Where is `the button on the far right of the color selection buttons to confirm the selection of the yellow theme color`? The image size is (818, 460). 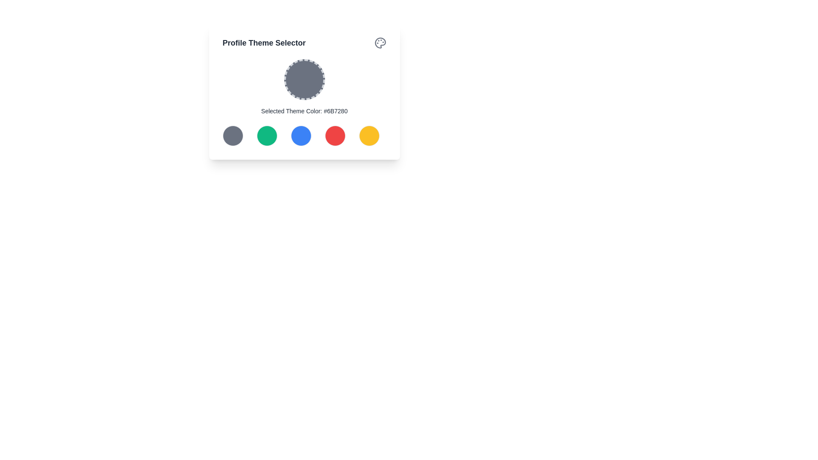
the button on the far right of the color selection buttons to confirm the selection of the yellow theme color is located at coordinates (369, 135).